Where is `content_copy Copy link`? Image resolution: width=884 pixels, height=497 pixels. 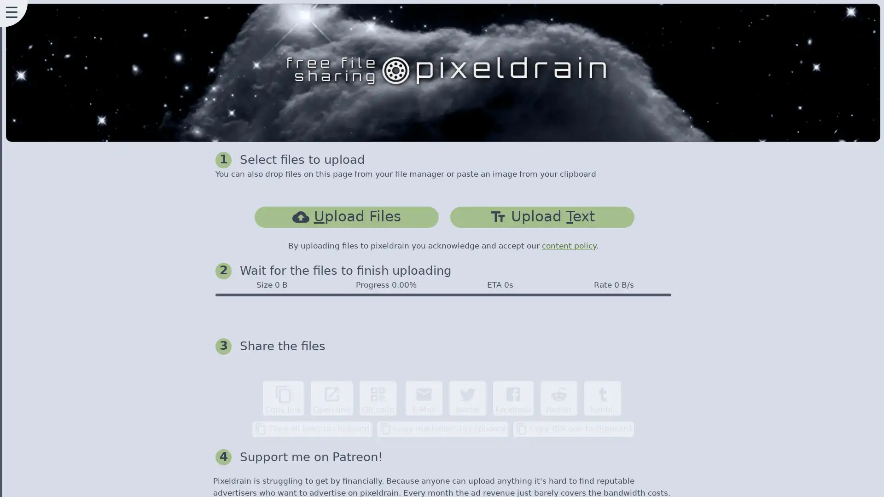
content_copy Copy link is located at coordinates (348, 398).